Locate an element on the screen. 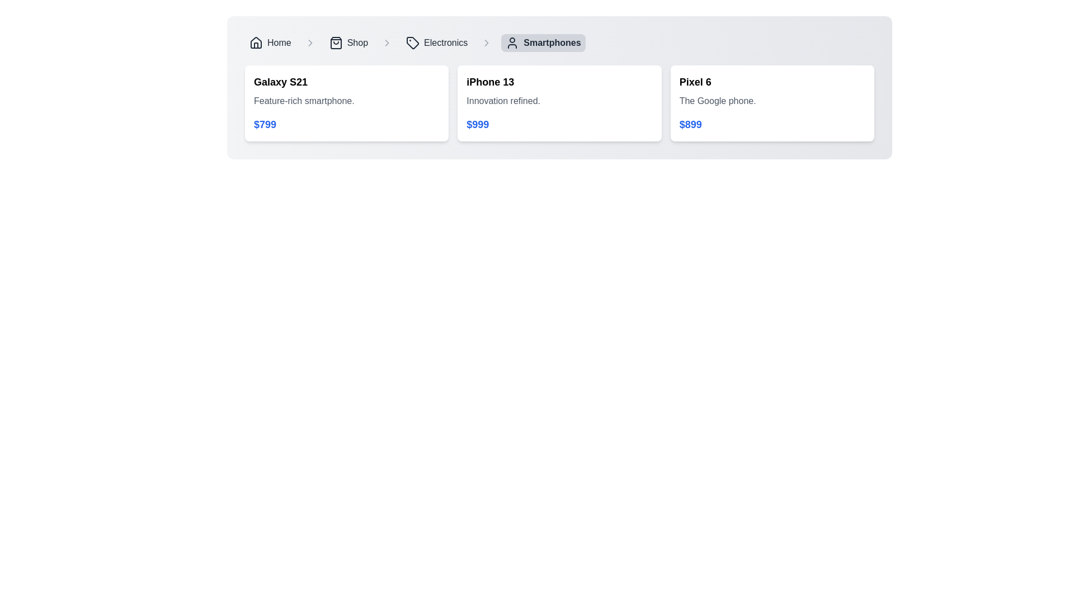 This screenshot has height=604, width=1074. the text display element that provides a brief description about the product, positioned below the title 'iPhone 13' and above the price '$999', which is the second product card in the row is located at coordinates (503, 101).